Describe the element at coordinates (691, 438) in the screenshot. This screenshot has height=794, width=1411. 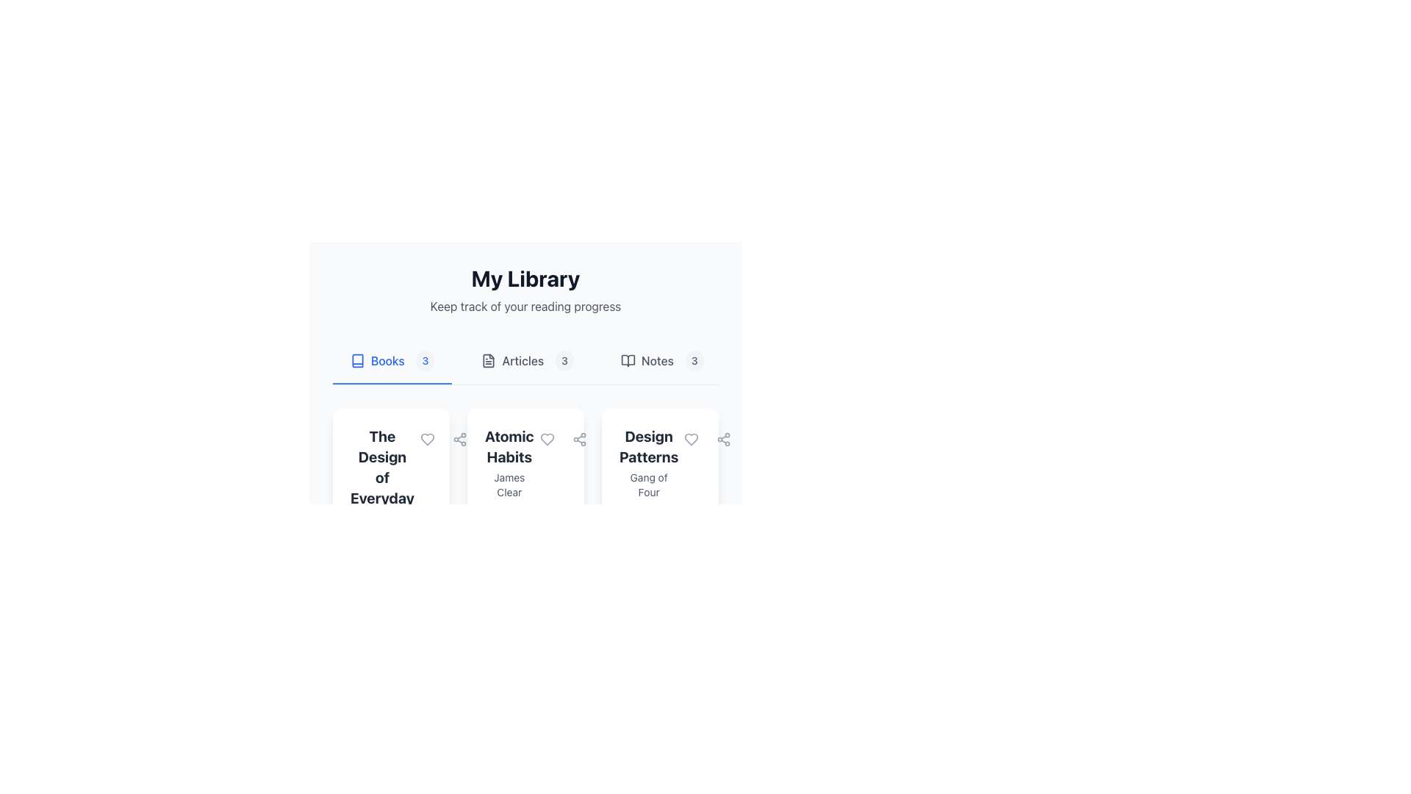
I see `the 'like' or 'favorite' toggle button for the 'Design Patterns' book located in the upper right corner of its card` at that location.